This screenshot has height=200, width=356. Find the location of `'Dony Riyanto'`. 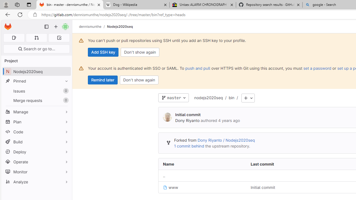

'Dony Riyanto' is located at coordinates (167, 117).